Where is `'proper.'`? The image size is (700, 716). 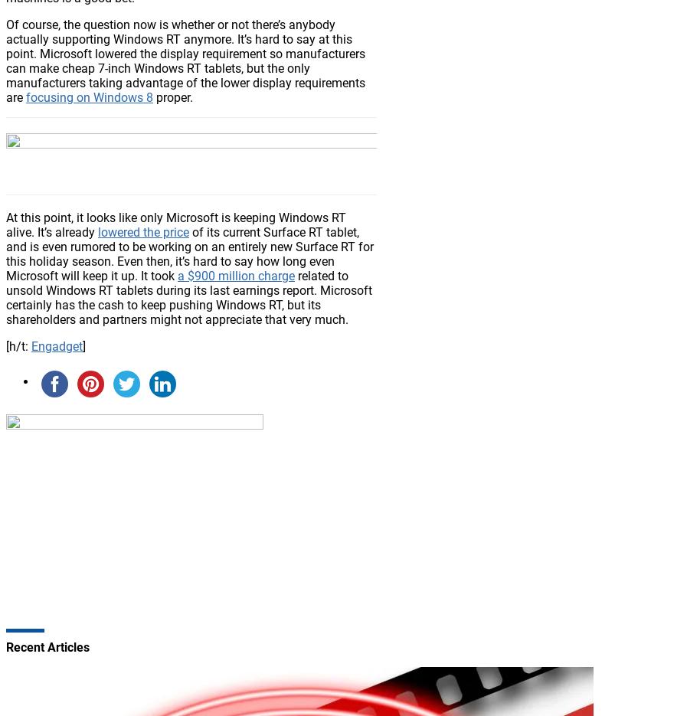 'proper.' is located at coordinates (173, 96).